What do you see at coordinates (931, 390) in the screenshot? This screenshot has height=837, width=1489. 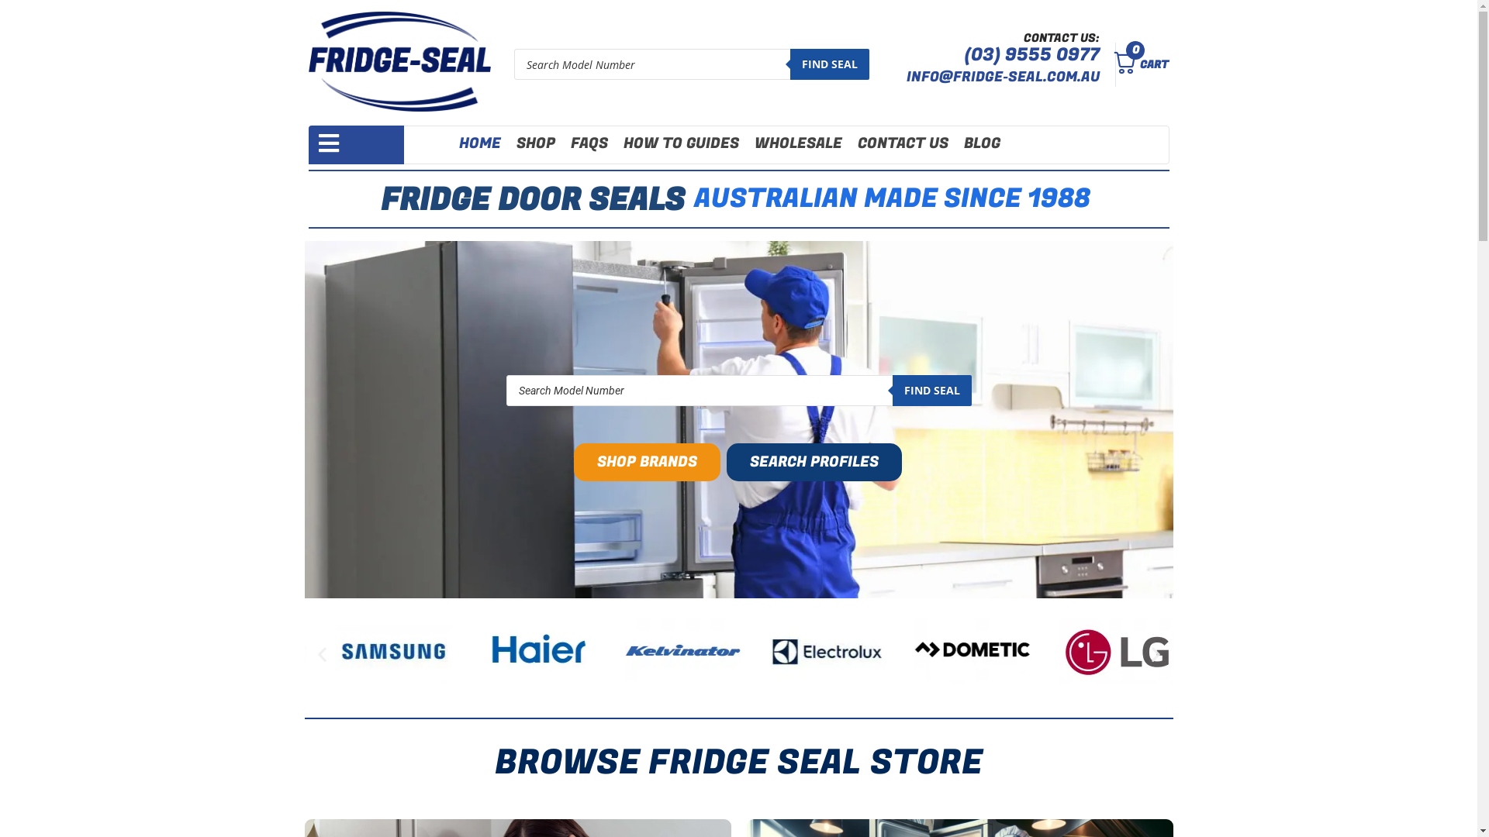 I see `'FIND SEAL'` at bounding box center [931, 390].